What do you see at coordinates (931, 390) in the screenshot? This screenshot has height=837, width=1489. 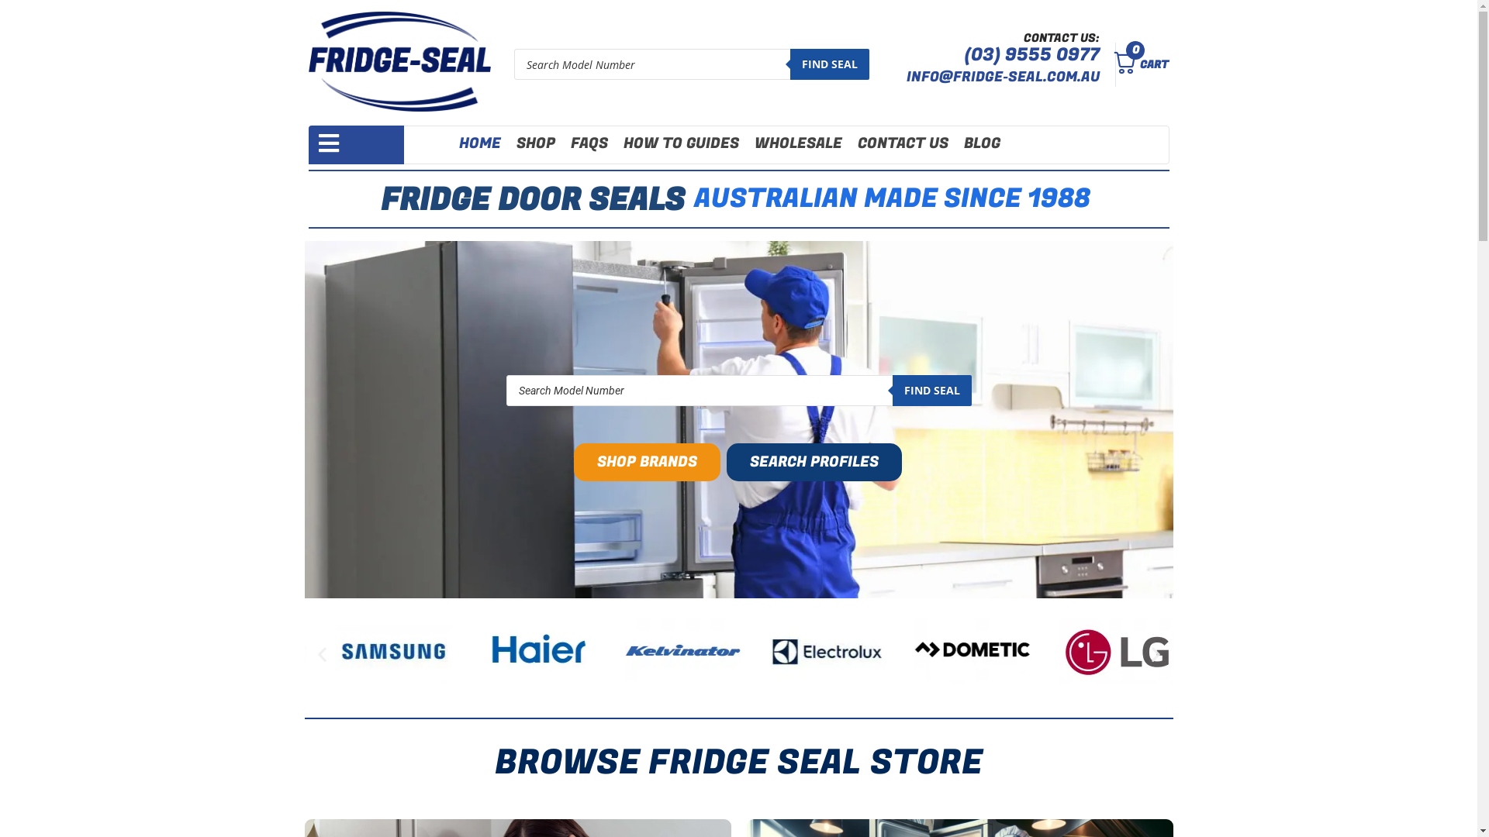 I see `'FIND SEAL'` at bounding box center [931, 390].